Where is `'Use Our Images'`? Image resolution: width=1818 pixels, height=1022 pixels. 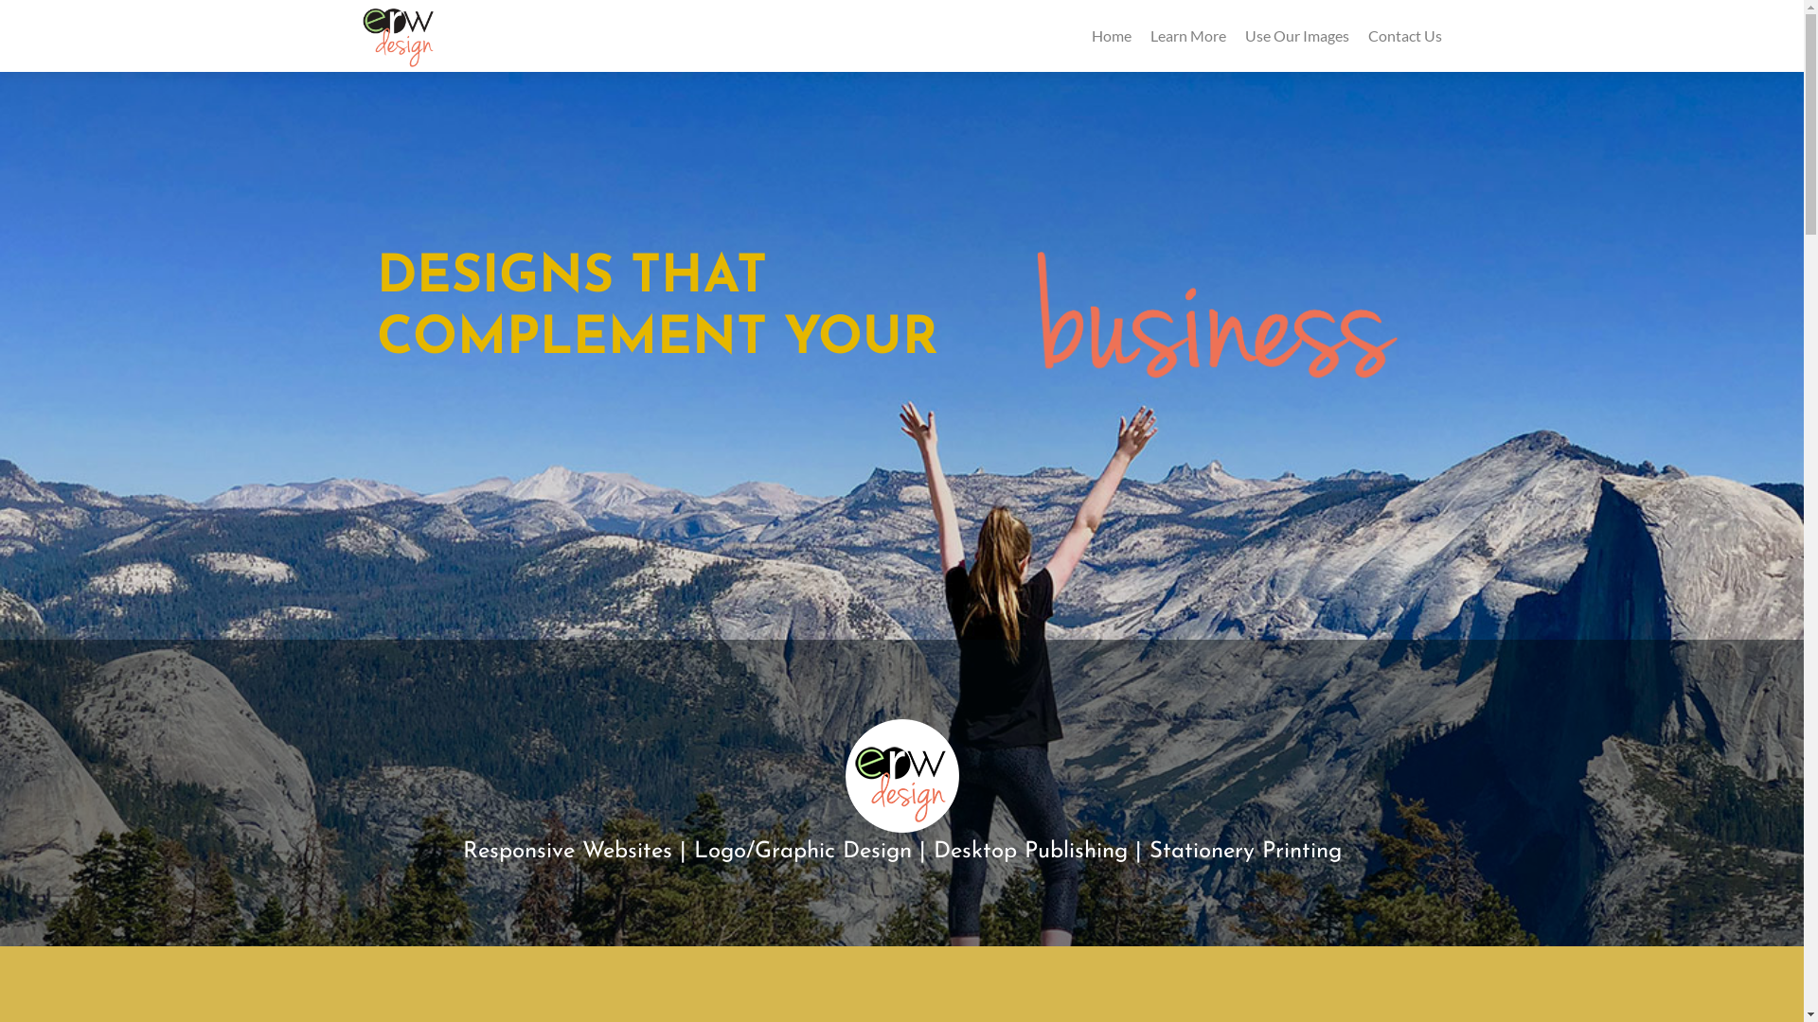
'Use Our Images' is located at coordinates (1244, 35).